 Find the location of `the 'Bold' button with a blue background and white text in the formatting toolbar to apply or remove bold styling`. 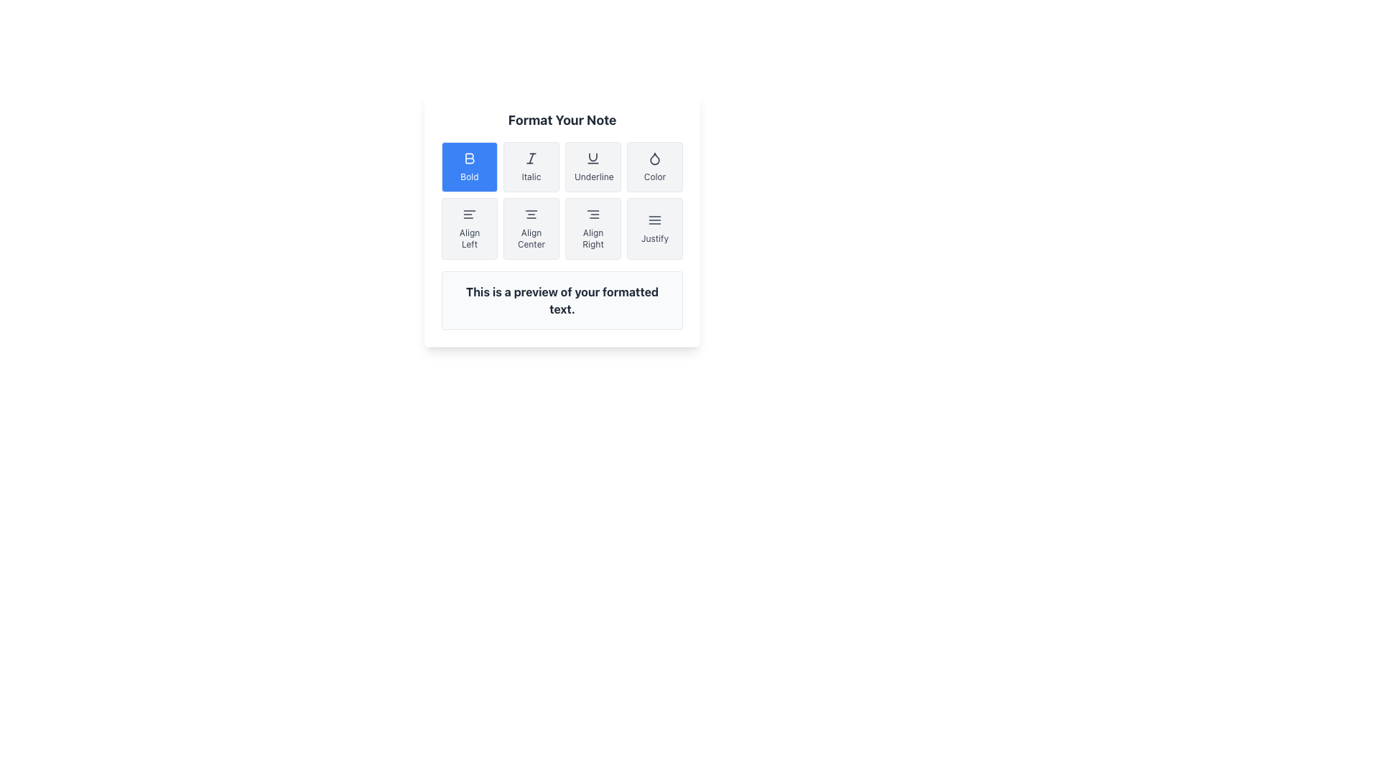

the 'Bold' button with a blue background and white text in the formatting toolbar to apply or remove bold styling is located at coordinates (469, 166).